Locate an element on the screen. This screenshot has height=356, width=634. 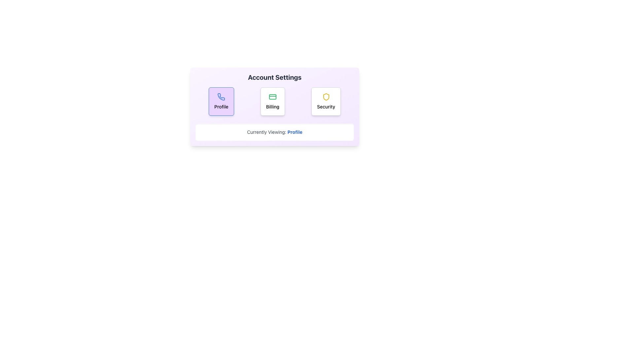
the third button in a row of three components located in the center-right part of the UI is located at coordinates (326, 102).